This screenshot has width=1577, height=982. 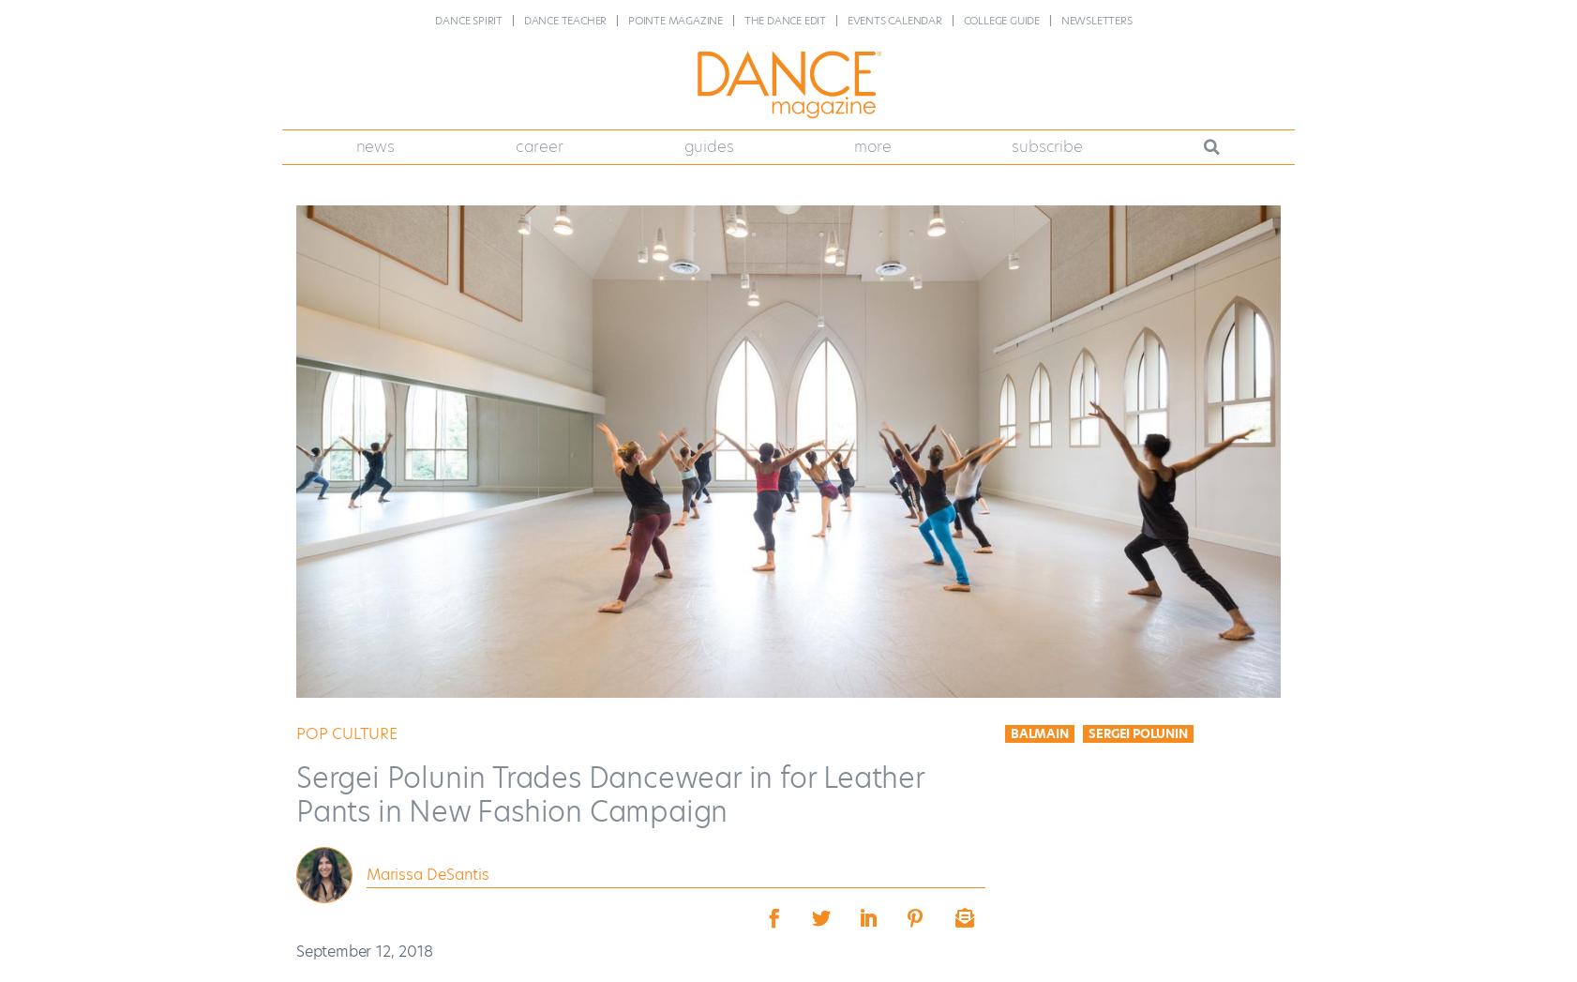 I want to click on 'Become a Subscriber', so click(x=1004, y=189).